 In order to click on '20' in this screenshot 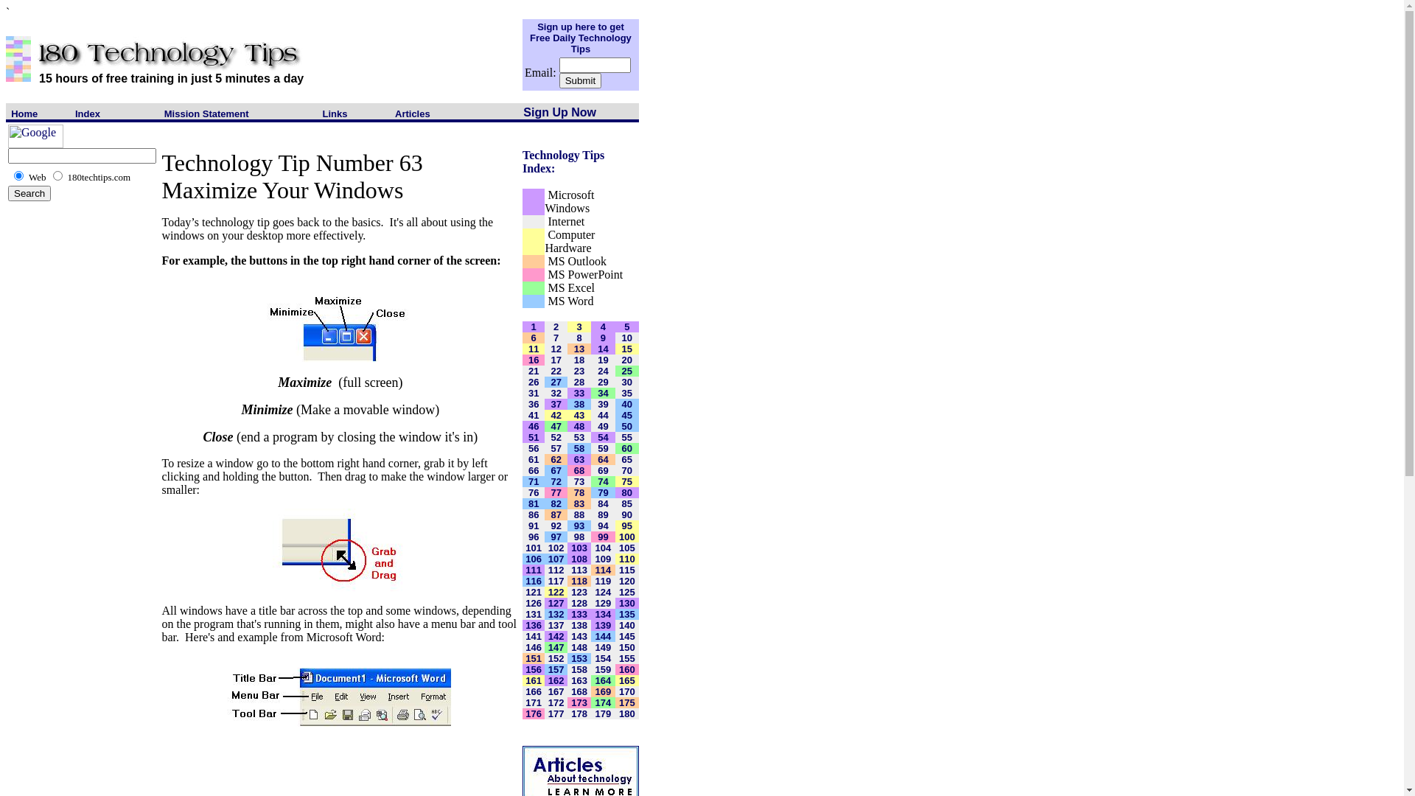, I will do `click(622, 360)`.